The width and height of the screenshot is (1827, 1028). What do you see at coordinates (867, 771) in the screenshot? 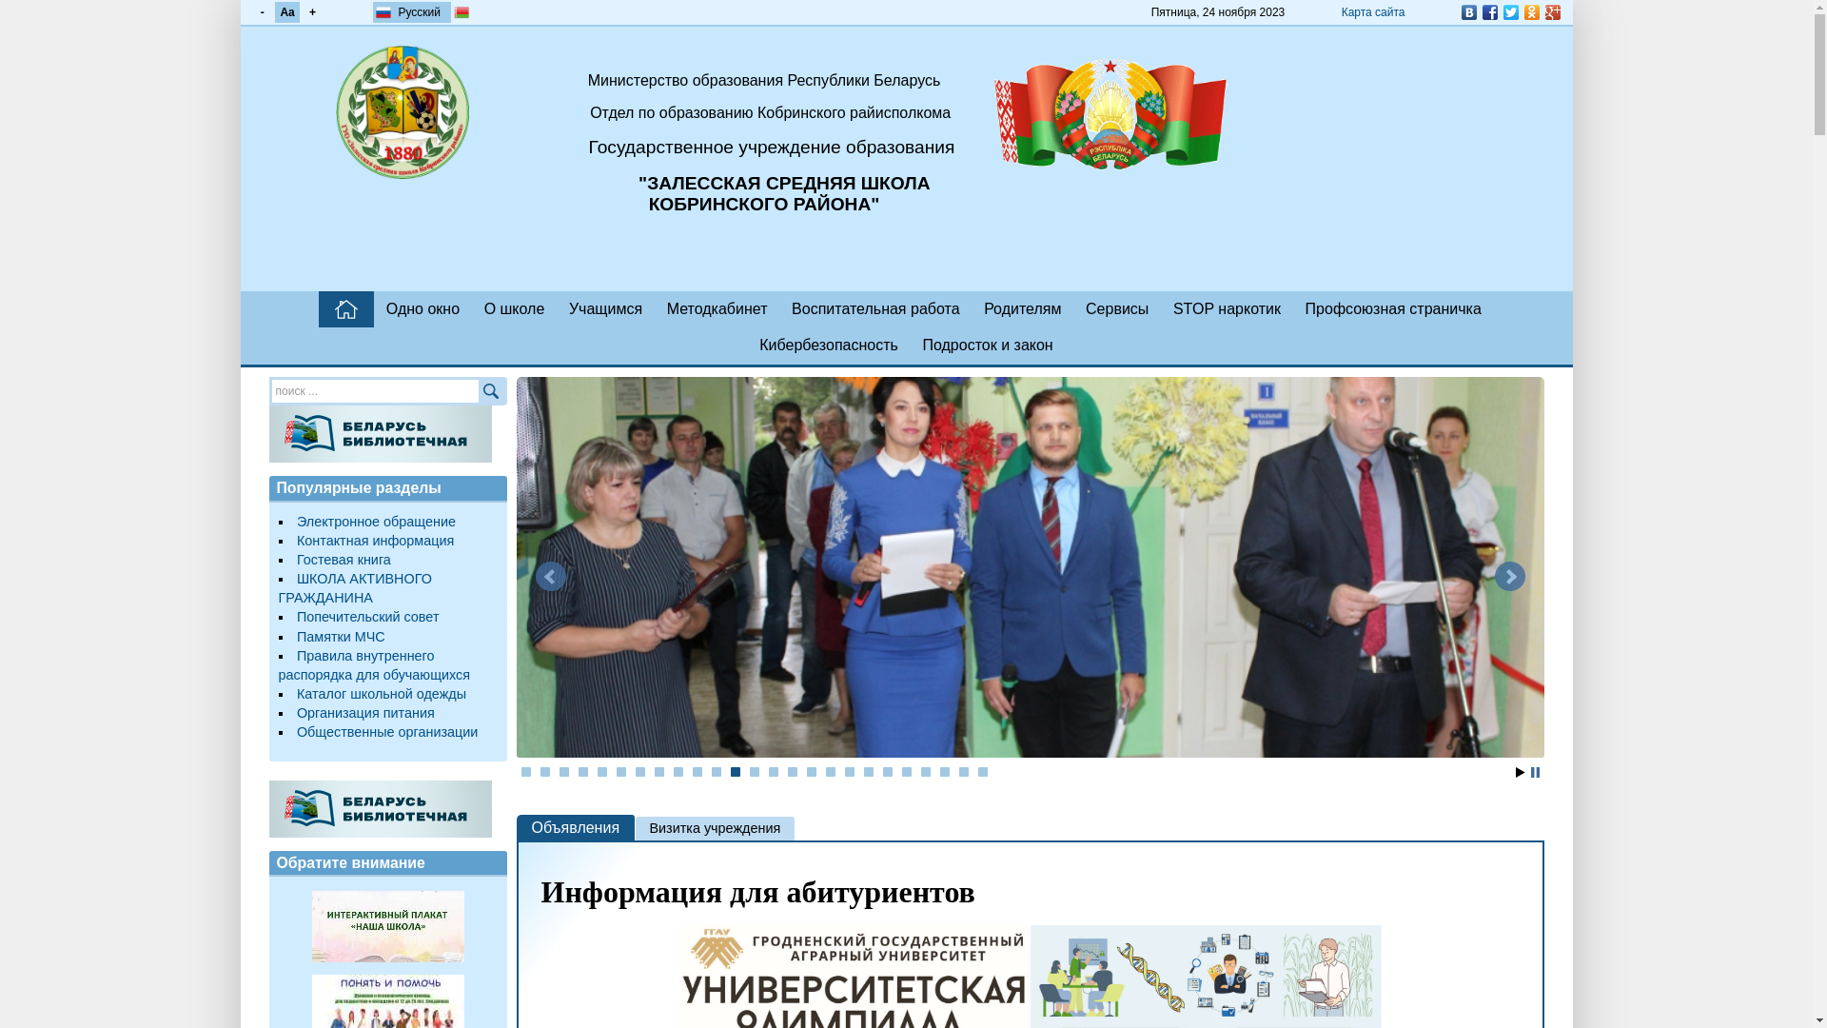
I see `'19'` at bounding box center [867, 771].